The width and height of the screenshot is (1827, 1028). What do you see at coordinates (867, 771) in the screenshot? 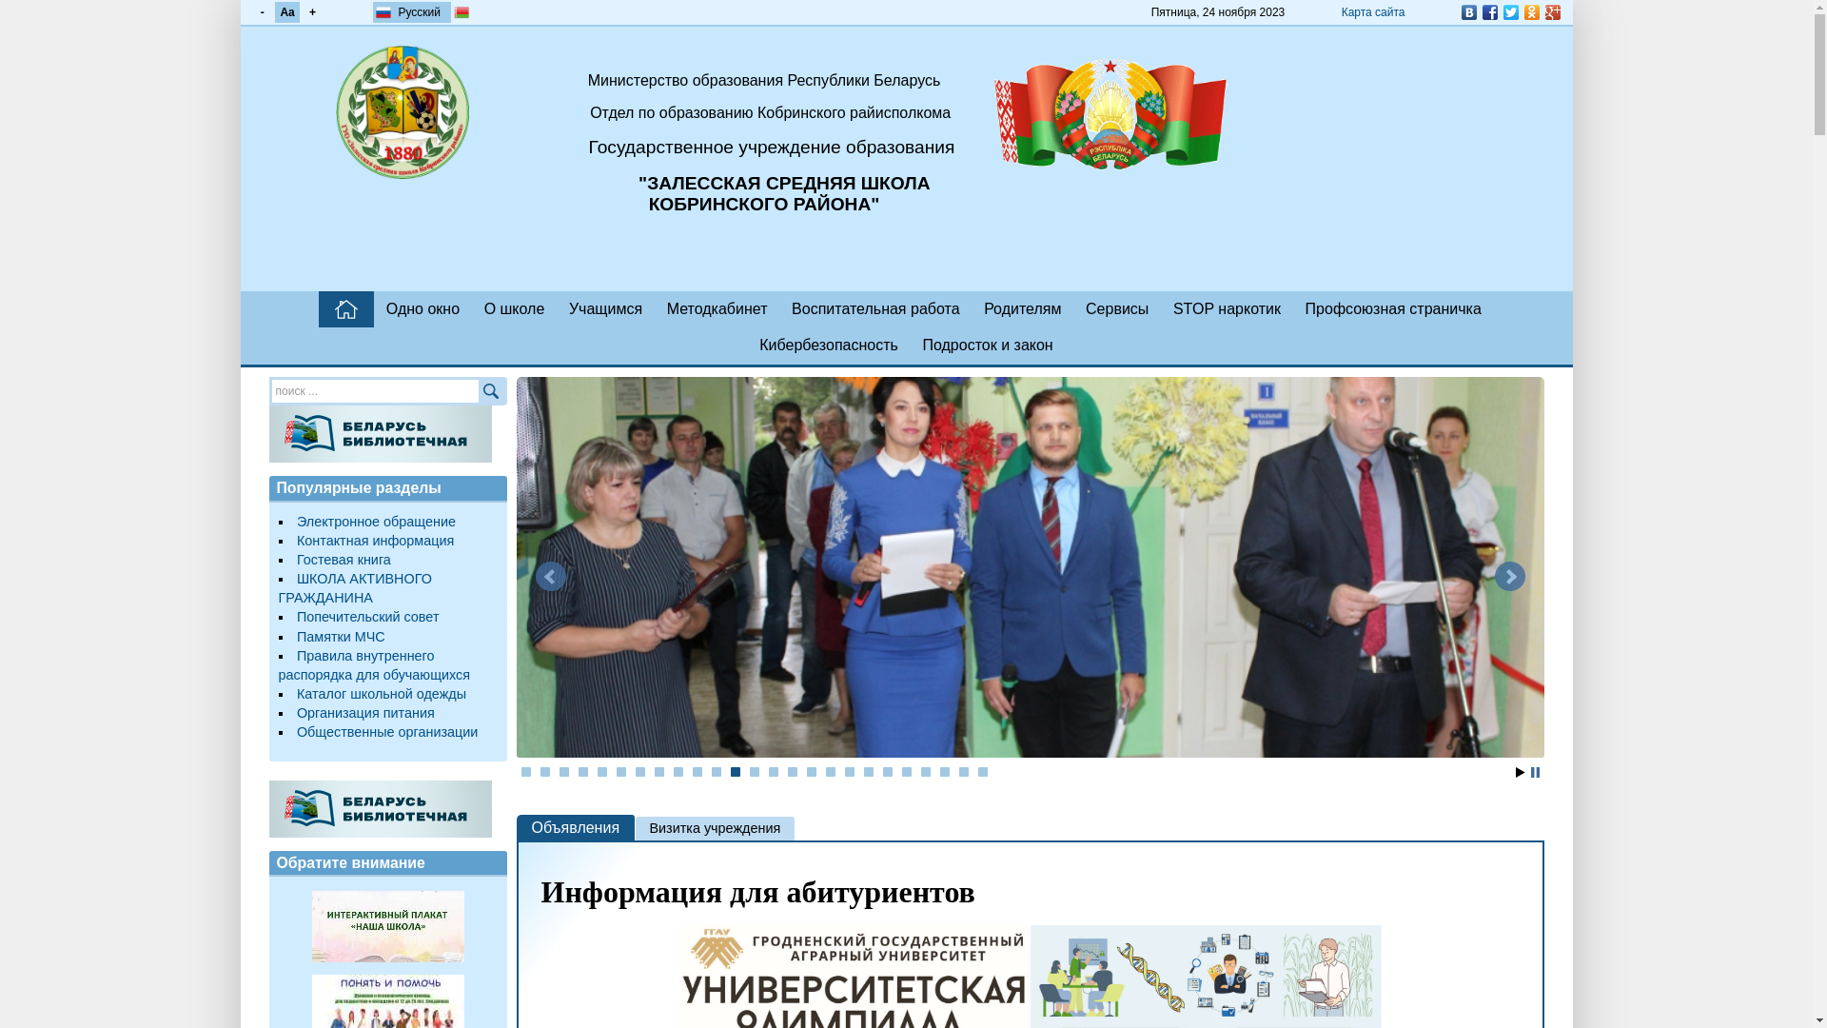
I see `'19'` at bounding box center [867, 771].